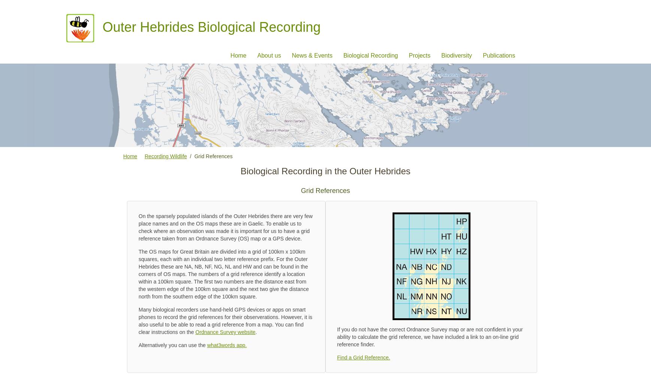 The width and height of the screenshot is (651, 374). What do you see at coordinates (257, 55) in the screenshot?
I see `'About us'` at bounding box center [257, 55].